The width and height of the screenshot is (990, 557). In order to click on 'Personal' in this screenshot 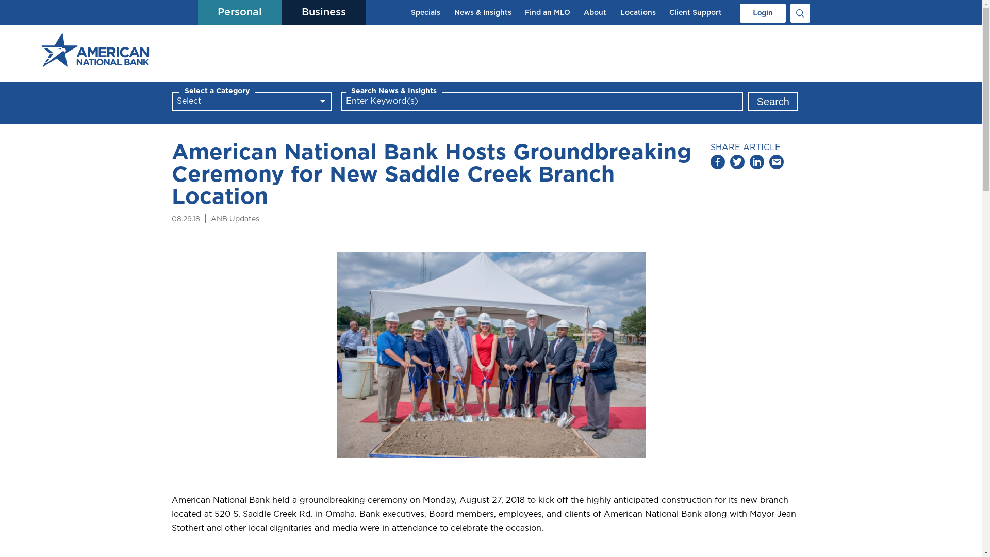, I will do `click(210, 12)`.